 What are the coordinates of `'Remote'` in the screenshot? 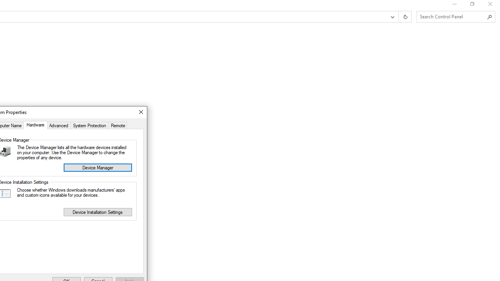 It's located at (118, 124).